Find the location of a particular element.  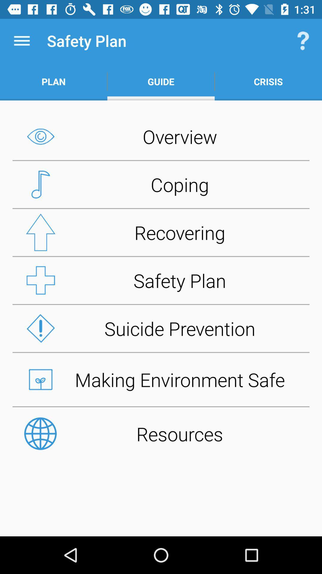

recovering is located at coordinates (161, 232).